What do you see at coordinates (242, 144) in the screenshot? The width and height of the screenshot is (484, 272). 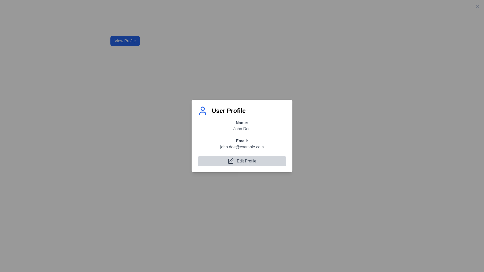 I see `the static text block displaying the email address associated with the user profile, located in the center area of the modal card, below the 'Name: John Doe' section` at bounding box center [242, 144].